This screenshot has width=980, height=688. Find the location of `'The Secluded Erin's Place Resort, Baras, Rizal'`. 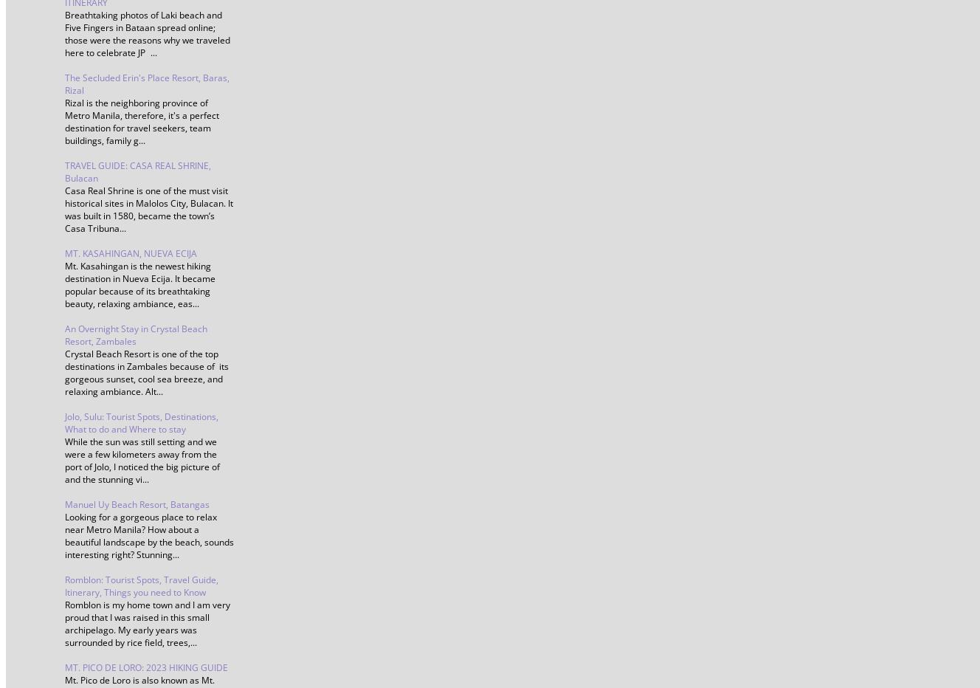

'The Secluded Erin's Place Resort, Baras, Rizal' is located at coordinates (147, 83).